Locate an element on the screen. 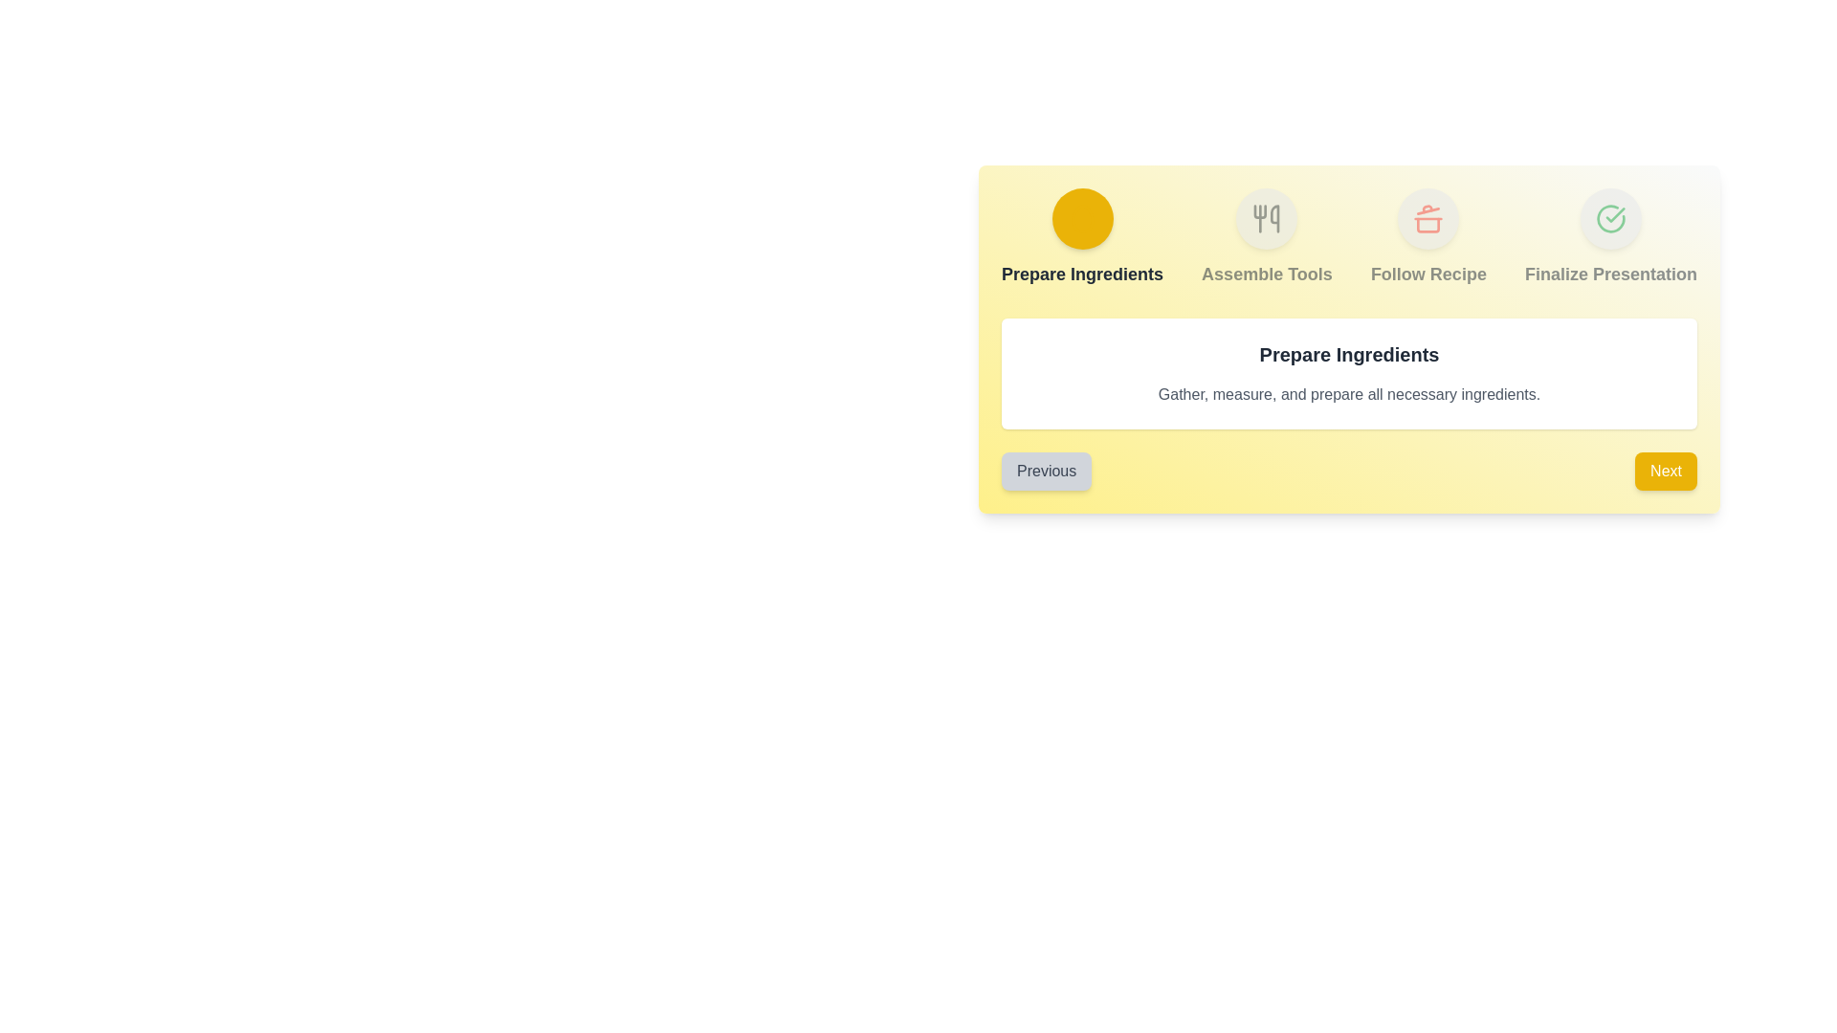 Image resolution: width=1837 pixels, height=1033 pixels. the completion icon labeled 'Finalize Presentation' located at the top-right of the icon group is located at coordinates (1610, 217).